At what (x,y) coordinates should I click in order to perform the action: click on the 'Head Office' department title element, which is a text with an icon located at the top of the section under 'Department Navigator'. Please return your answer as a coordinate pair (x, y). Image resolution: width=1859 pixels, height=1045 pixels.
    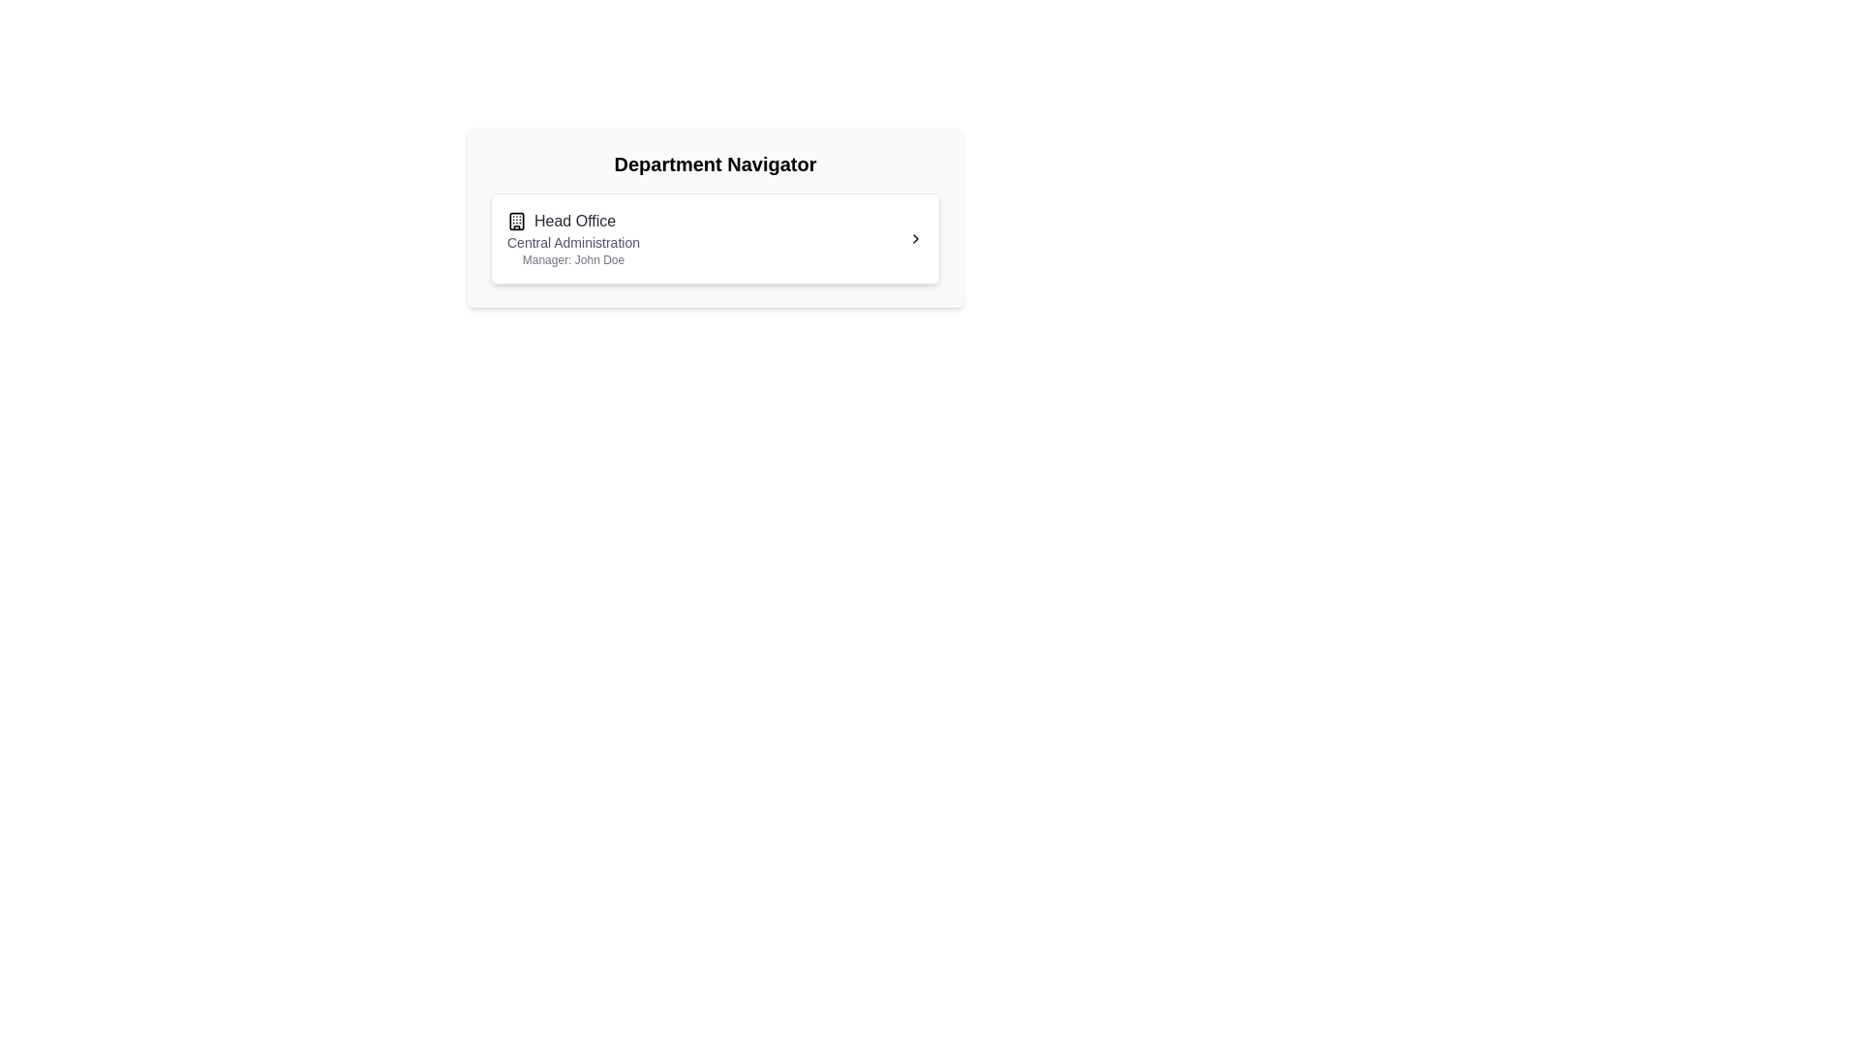
    Looking at the image, I should click on (571, 220).